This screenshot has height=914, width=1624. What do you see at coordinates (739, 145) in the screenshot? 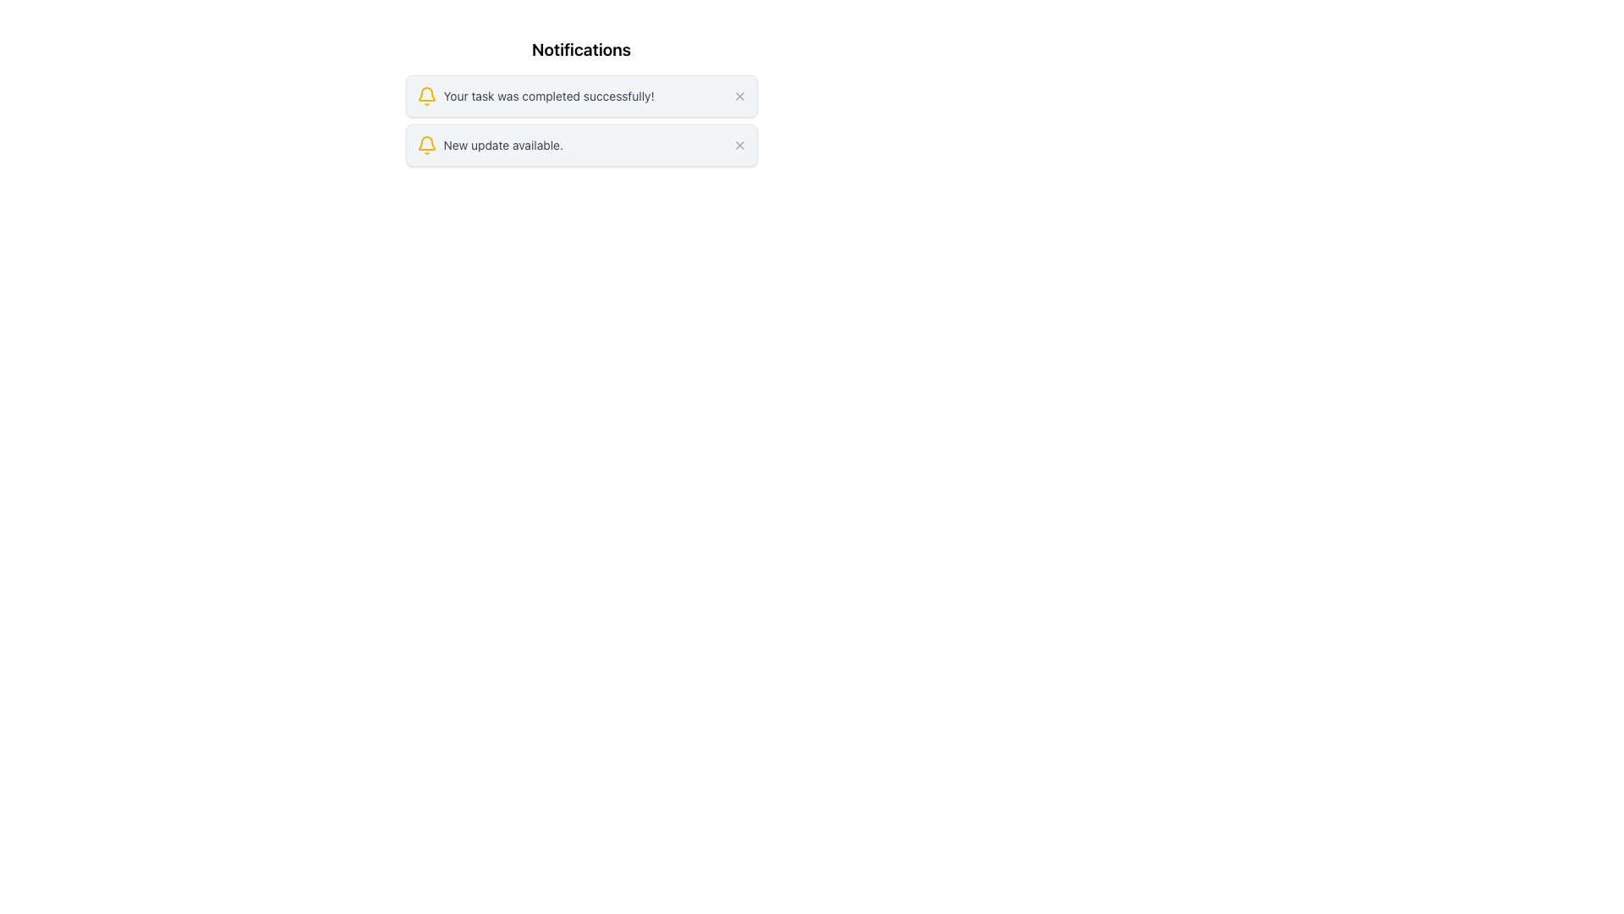
I see `the small square icon button with an 'X' symbol in the top-right corner of the second notification card to trigger the color change to red` at bounding box center [739, 145].